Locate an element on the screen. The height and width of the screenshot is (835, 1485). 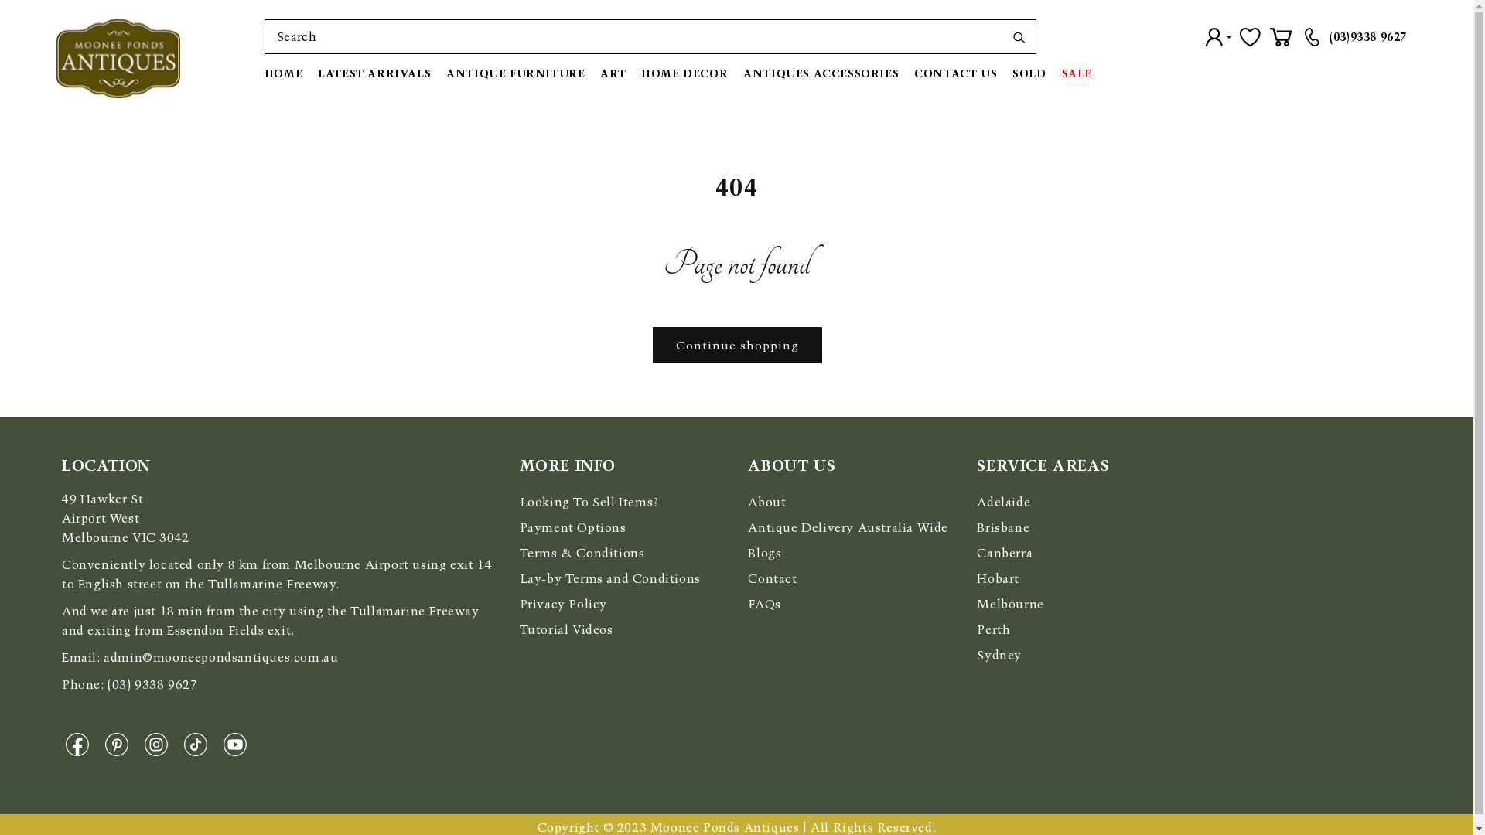
'Adelaide' is located at coordinates (1003, 502).